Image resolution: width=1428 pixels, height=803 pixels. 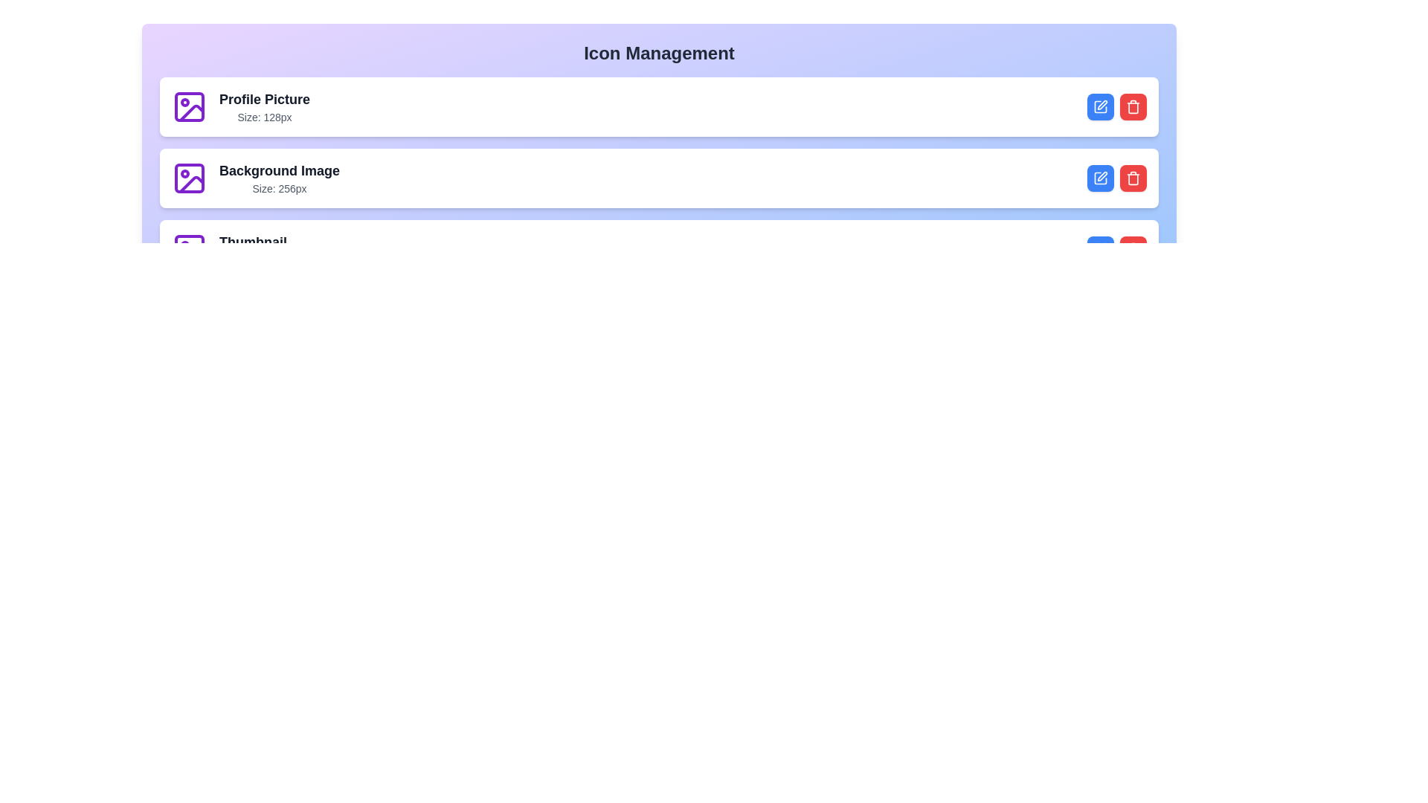 What do you see at coordinates (256, 177) in the screenshot?
I see `text information from the informational display that shows an icon of an image in purple, the text 'Background Image' in bold, and 'Size: 256px' underneath` at bounding box center [256, 177].